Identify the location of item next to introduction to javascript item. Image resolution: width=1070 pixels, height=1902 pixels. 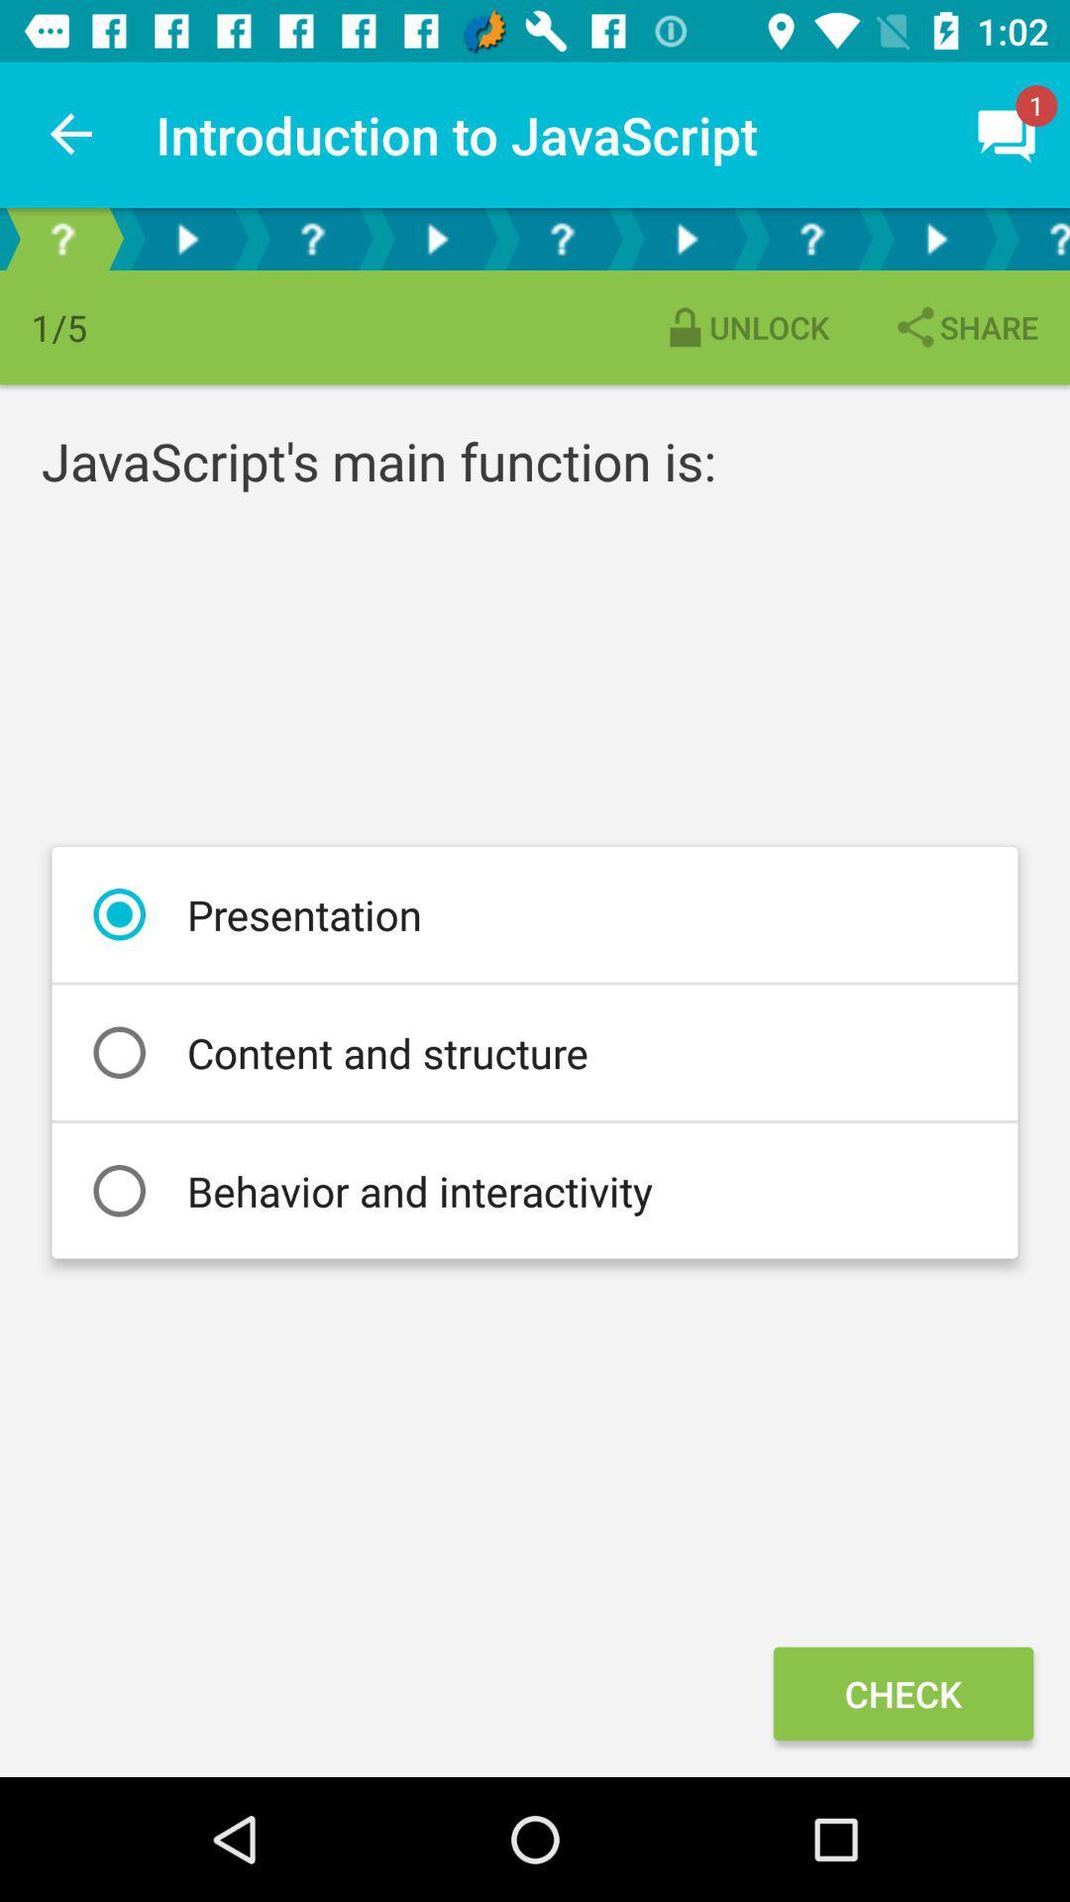
(71, 134).